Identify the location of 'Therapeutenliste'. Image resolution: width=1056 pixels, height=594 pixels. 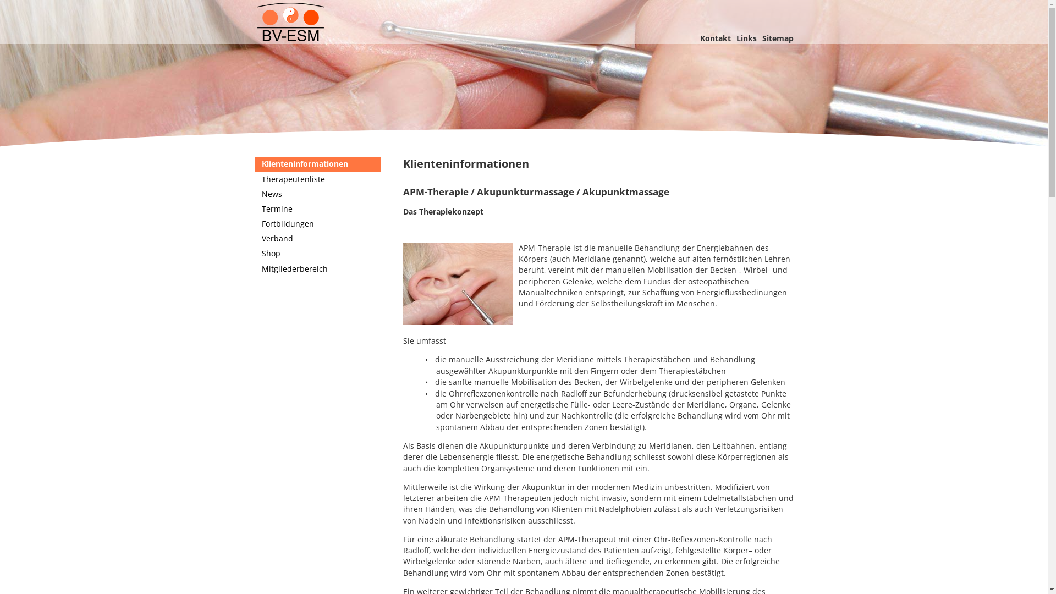
(253, 178).